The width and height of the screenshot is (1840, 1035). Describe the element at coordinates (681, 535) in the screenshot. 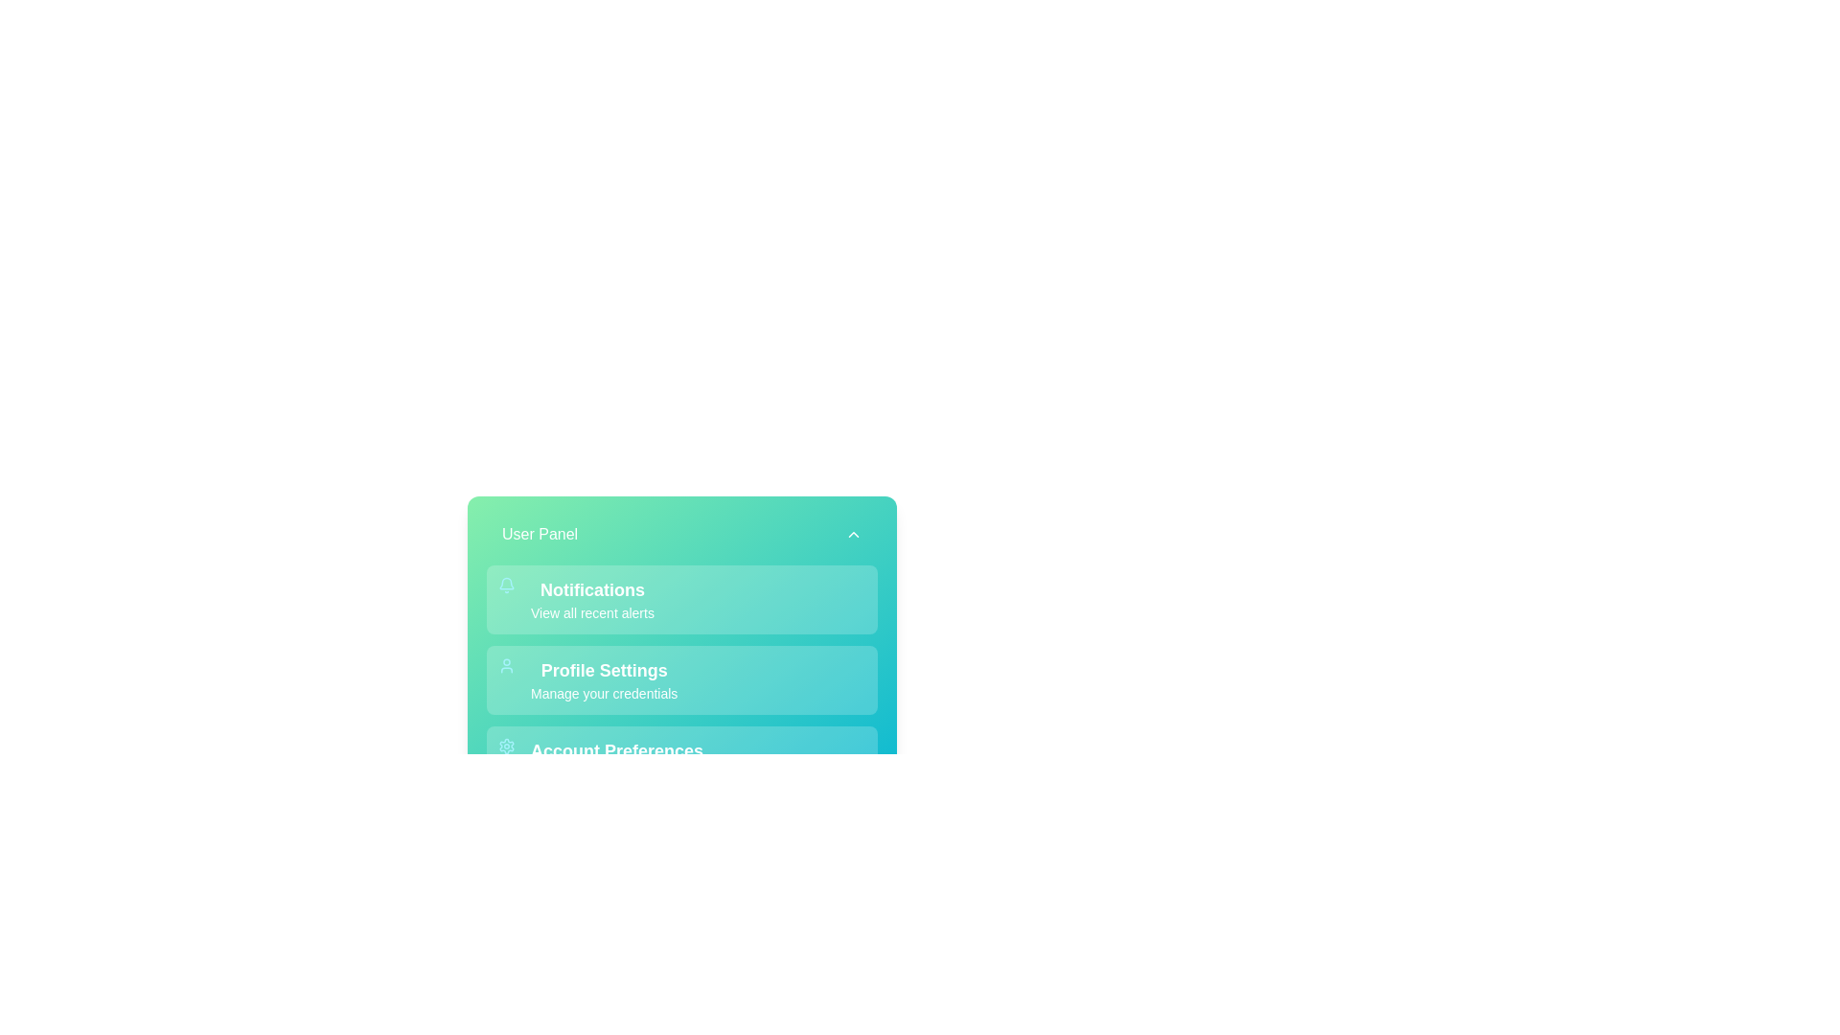

I see `the toggle button to toggle the panel expansion` at that location.